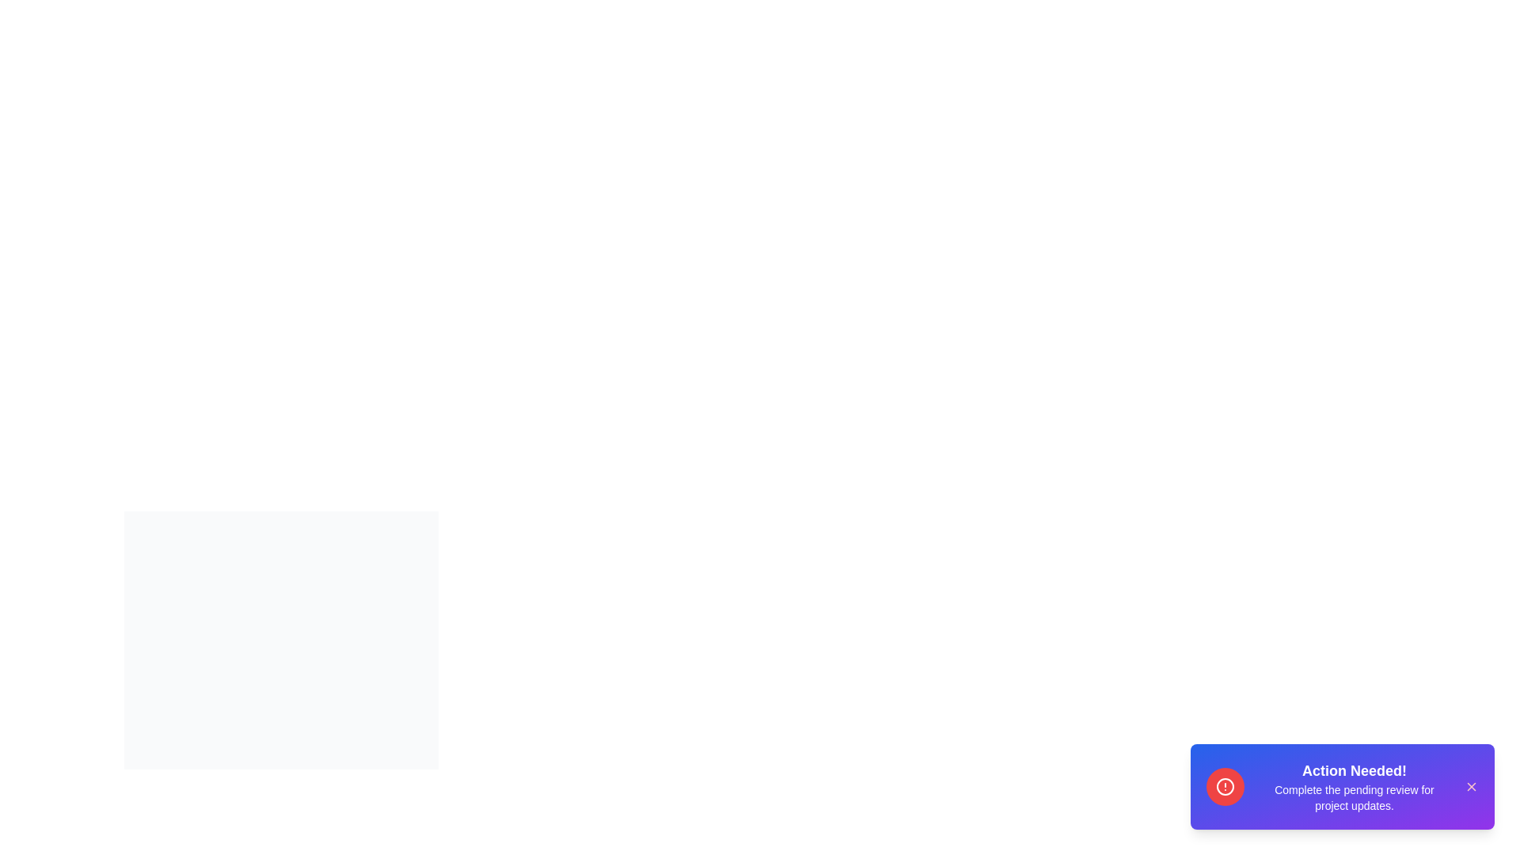 The height and width of the screenshot is (855, 1520). I want to click on the alert icon in the snackbar, so click(1225, 787).